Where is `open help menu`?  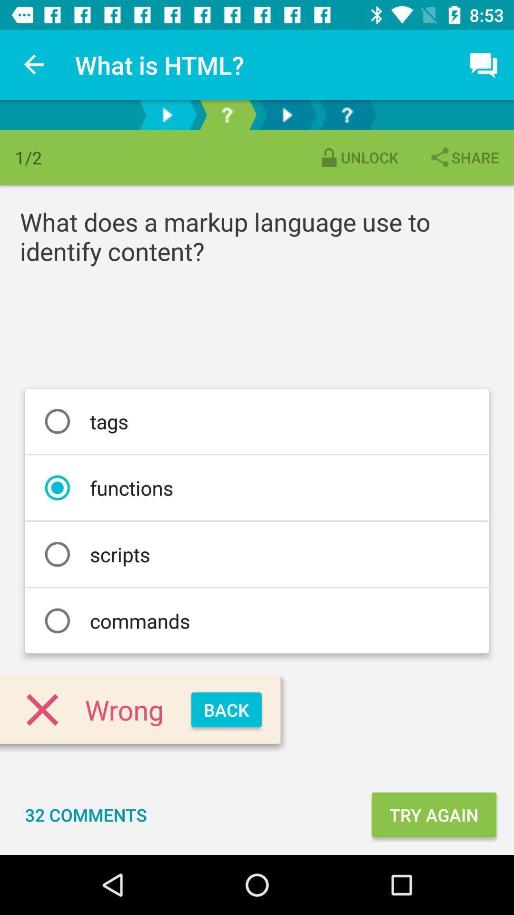
open help menu is located at coordinates (347, 114).